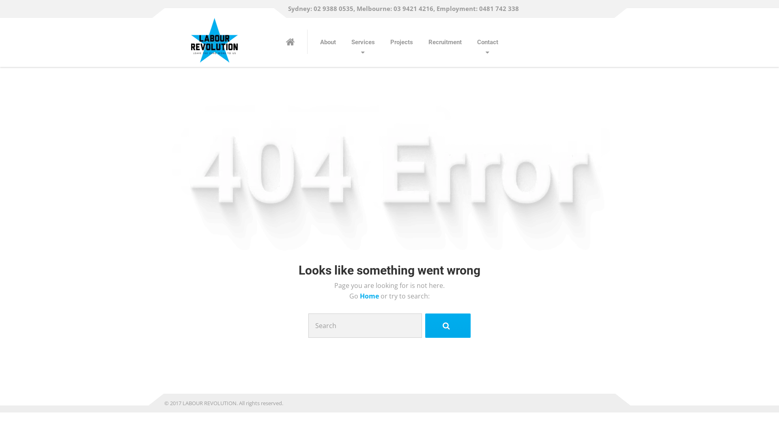  What do you see at coordinates (445, 42) in the screenshot?
I see `'Recruitment'` at bounding box center [445, 42].